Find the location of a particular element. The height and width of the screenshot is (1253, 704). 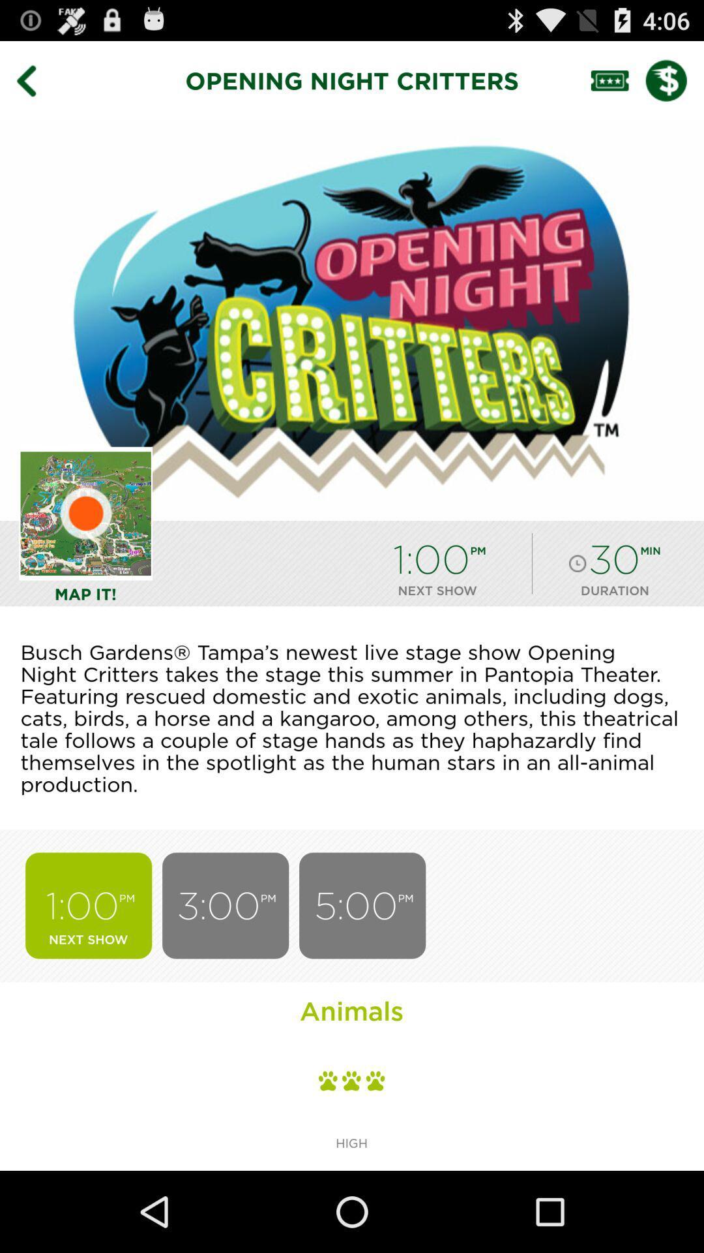

the arrow_backward icon is located at coordinates (35, 85).